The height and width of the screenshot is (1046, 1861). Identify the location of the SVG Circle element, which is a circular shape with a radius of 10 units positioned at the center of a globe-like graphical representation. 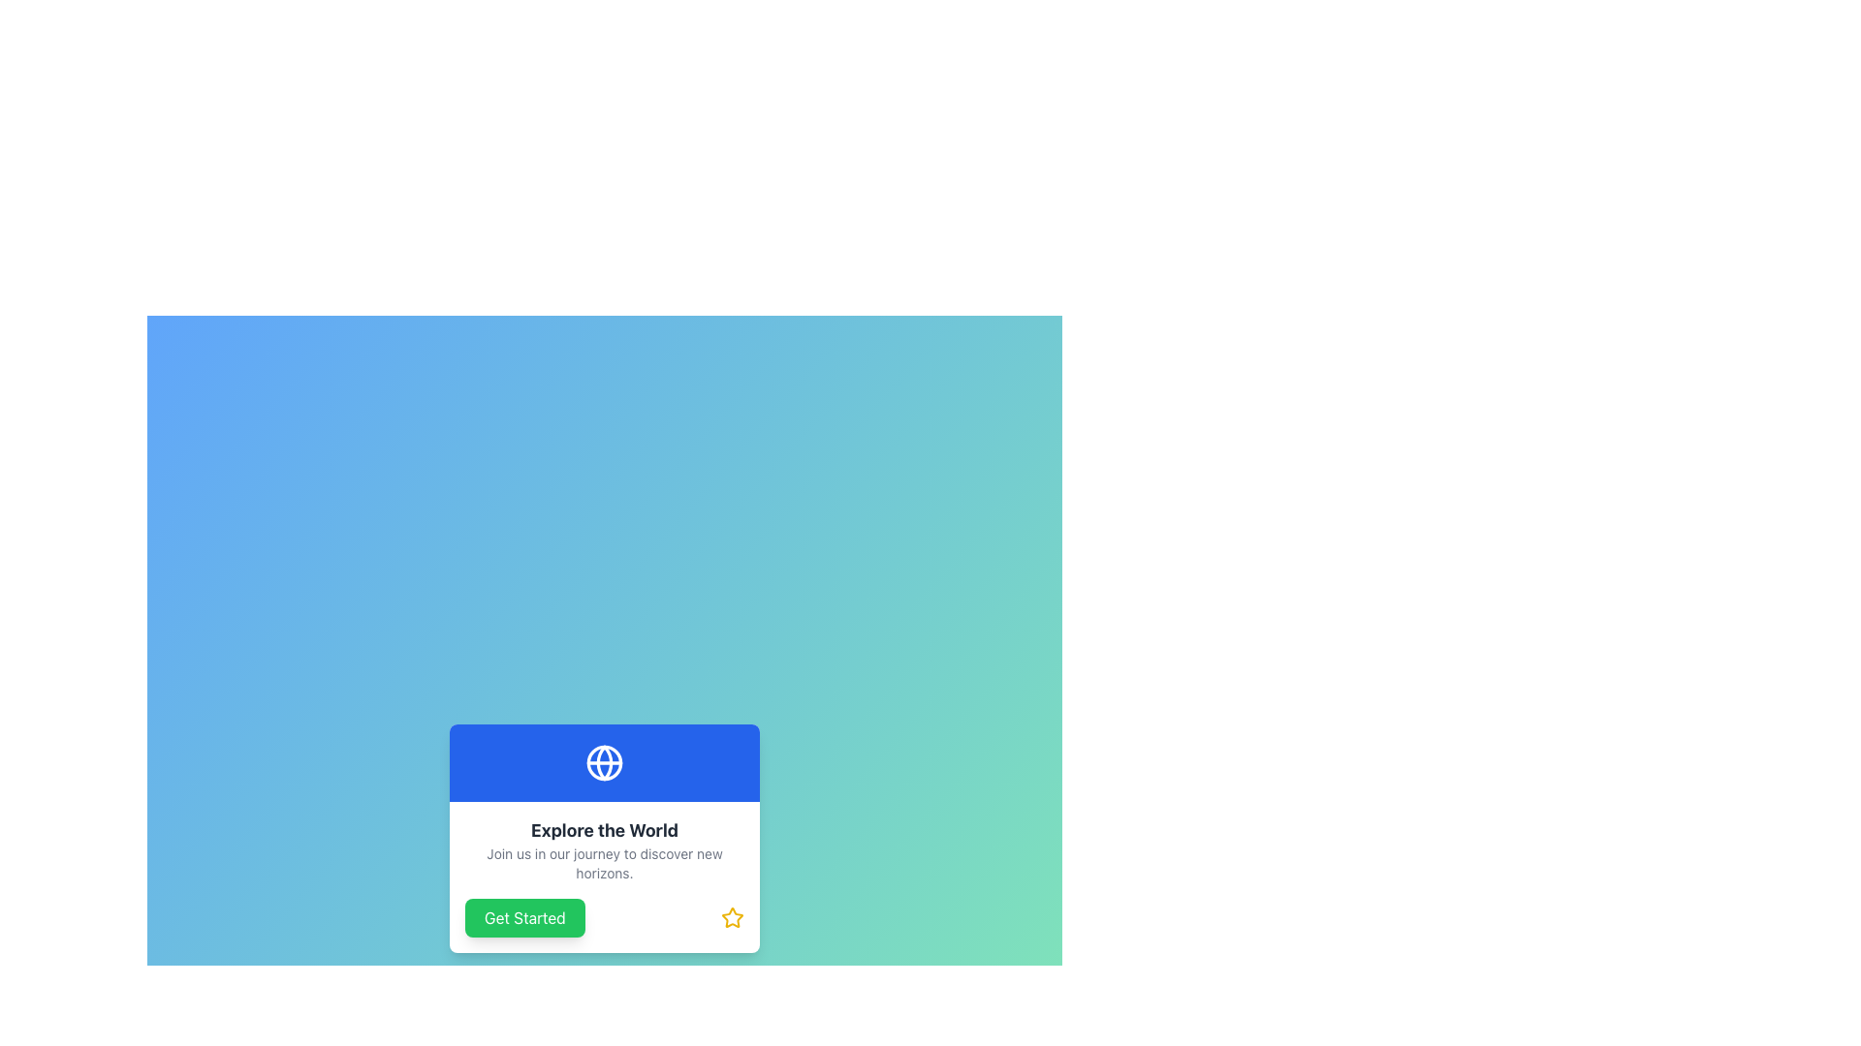
(604, 761).